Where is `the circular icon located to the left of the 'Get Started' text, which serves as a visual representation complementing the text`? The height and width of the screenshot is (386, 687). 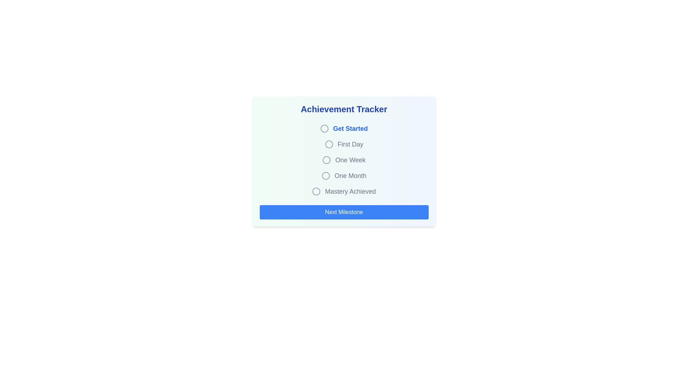
the circular icon located to the left of the 'Get Started' text, which serves as a visual representation complementing the text is located at coordinates (324, 128).